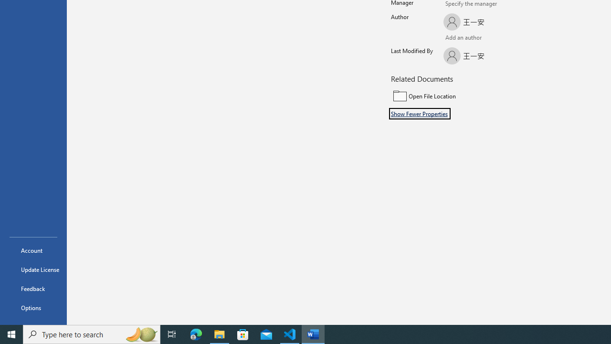 This screenshot has width=611, height=344. Describe the element at coordinates (33, 269) in the screenshot. I see `'Update License'` at that location.